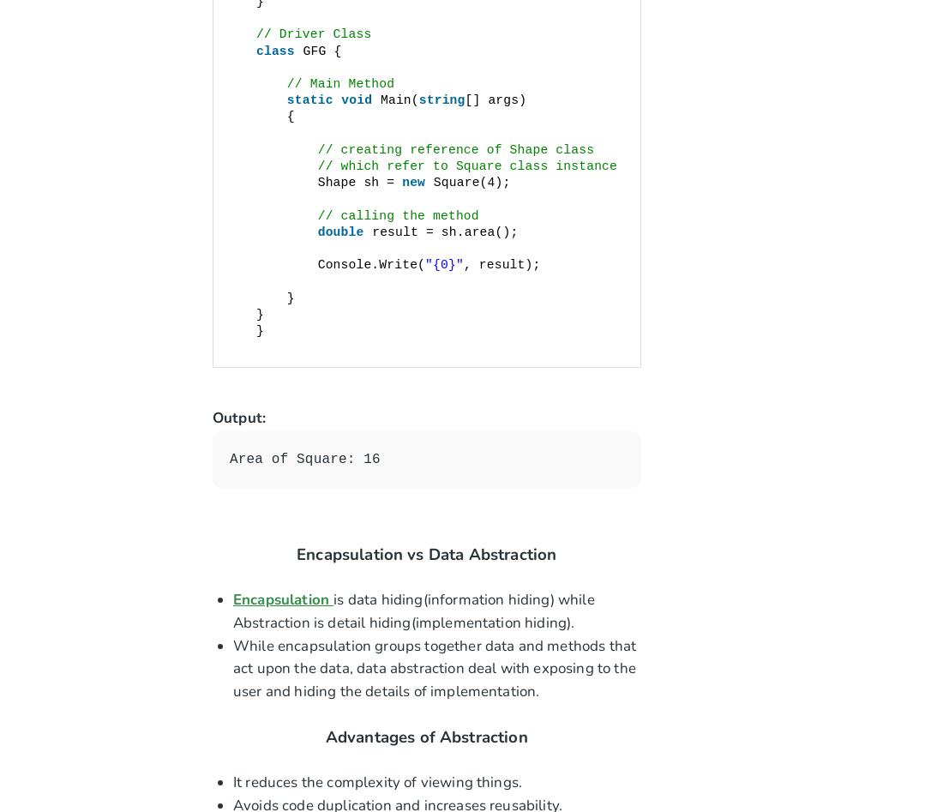 The height and width of the screenshot is (812, 943). What do you see at coordinates (433, 182) in the screenshot?
I see `'Square(4);'` at bounding box center [433, 182].